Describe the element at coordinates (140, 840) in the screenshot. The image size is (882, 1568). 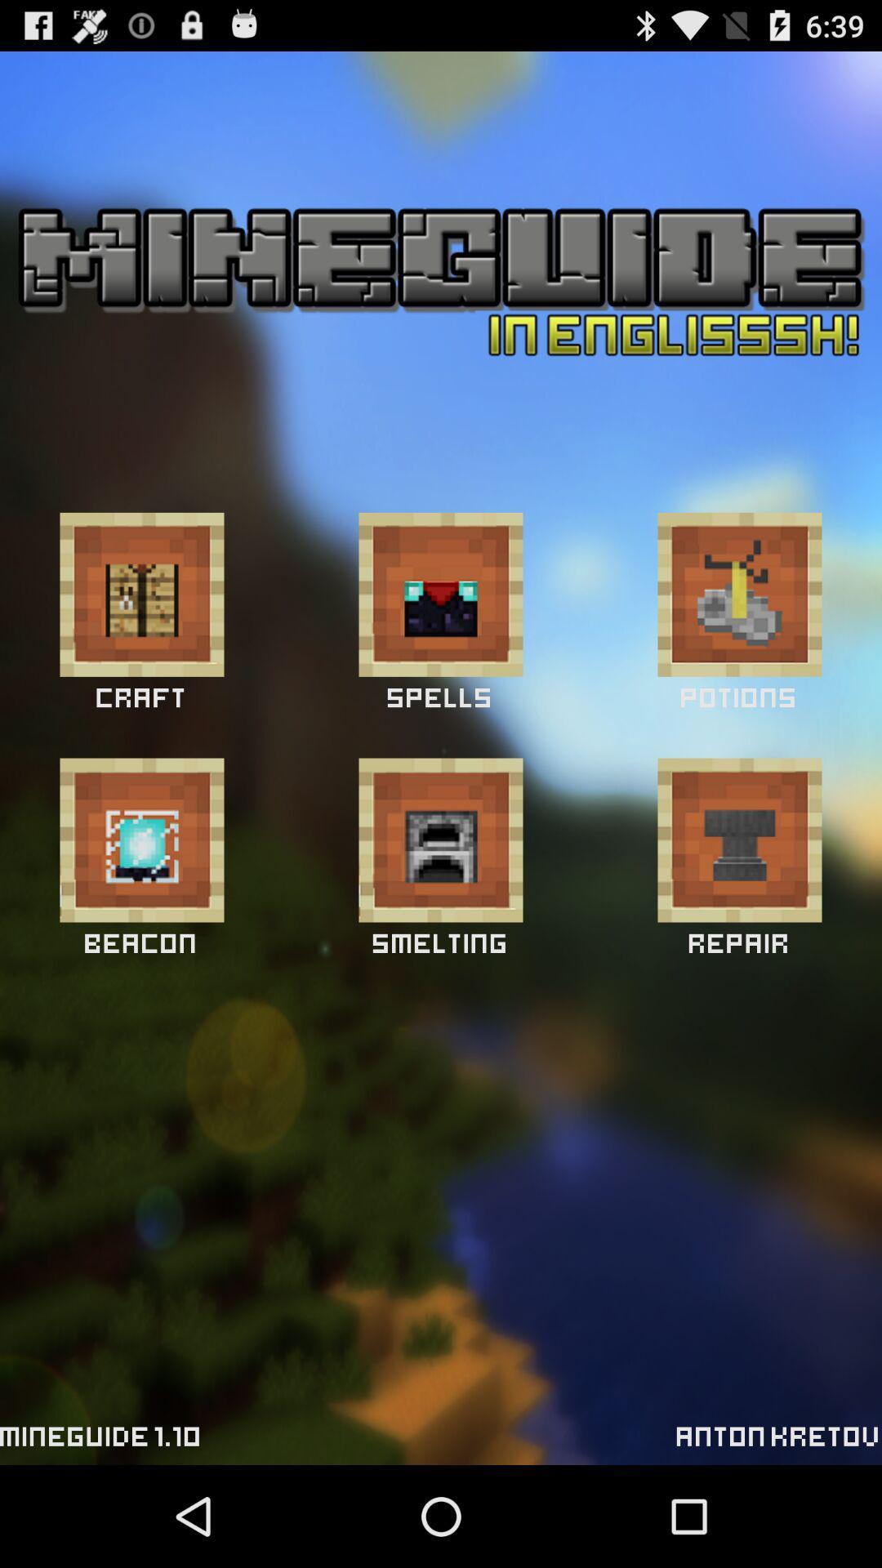
I see `the icon below craft icon` at that location.